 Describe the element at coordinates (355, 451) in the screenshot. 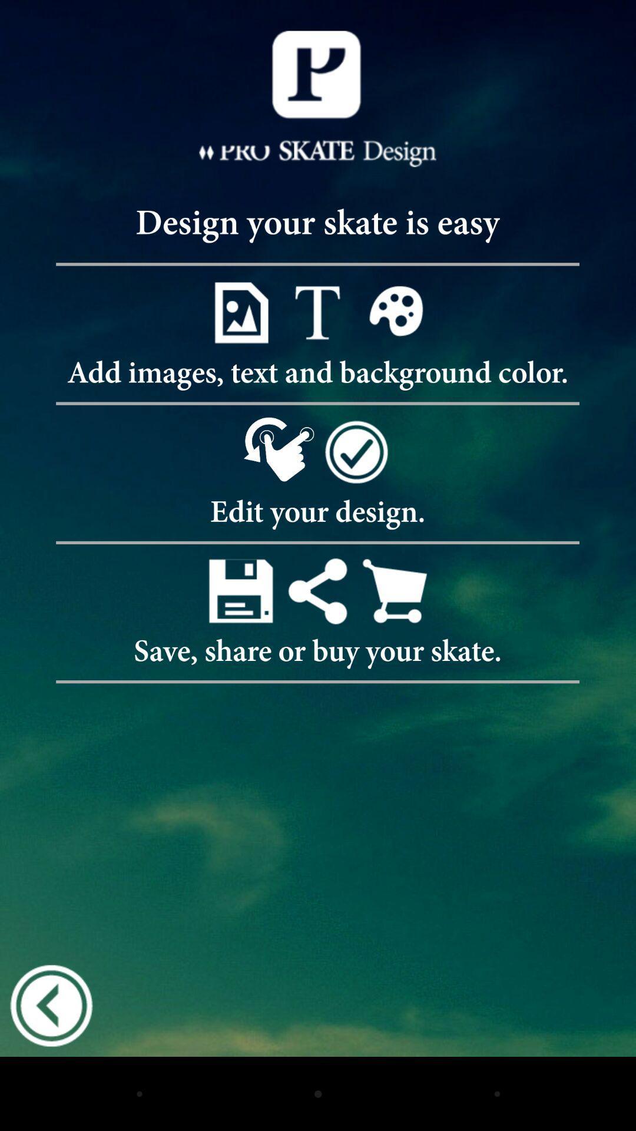

I see `confirm design edit` at that location.